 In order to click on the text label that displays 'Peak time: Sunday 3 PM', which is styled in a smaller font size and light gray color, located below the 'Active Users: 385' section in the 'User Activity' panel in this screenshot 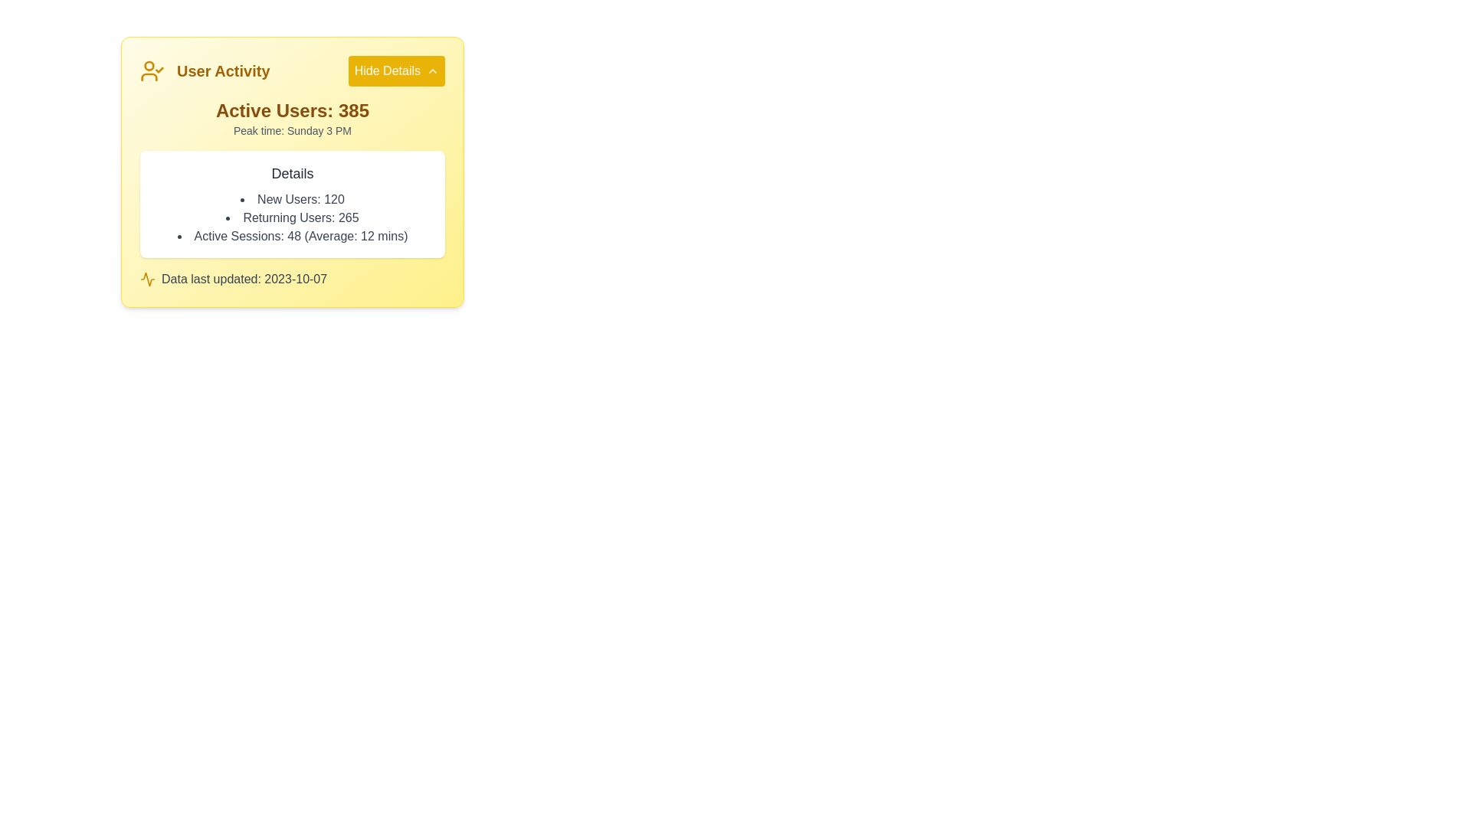, I will do `click(293, 129)`.